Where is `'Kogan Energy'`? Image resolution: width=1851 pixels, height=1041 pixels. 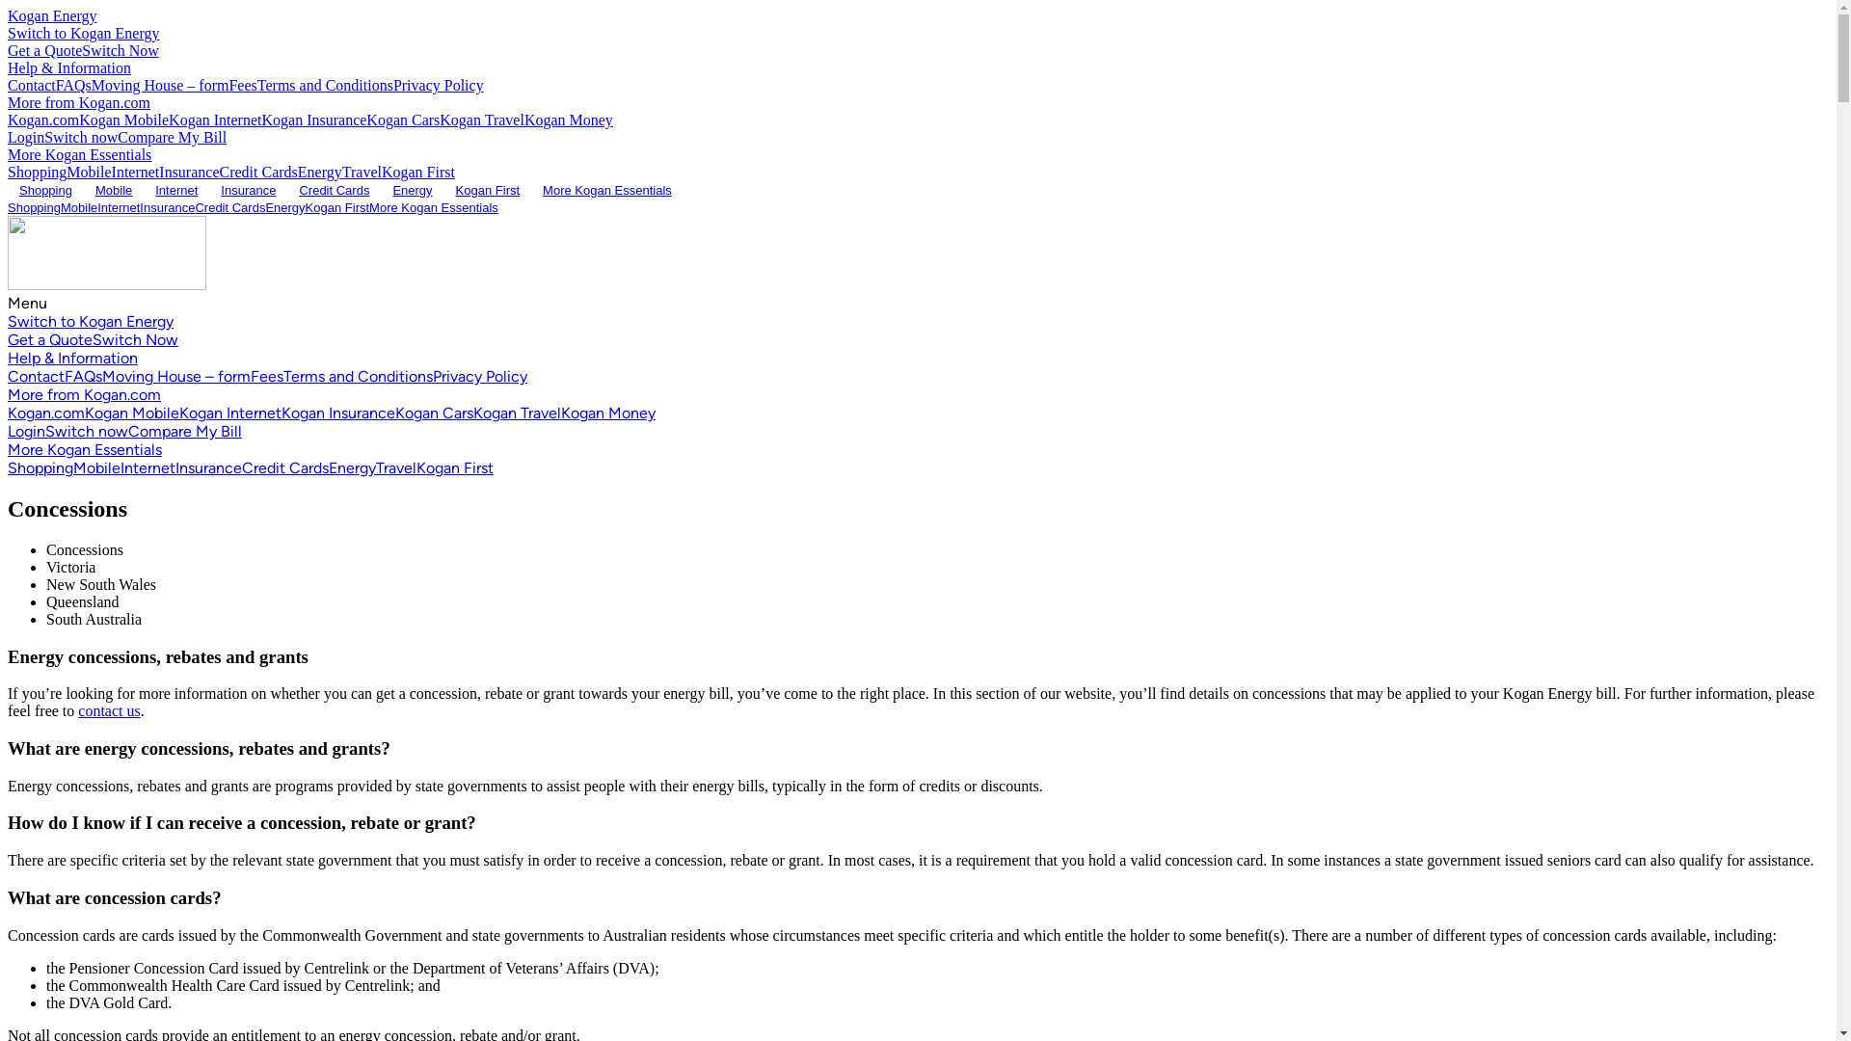
'Kogan Energy' is located at coordinates (52, 15).